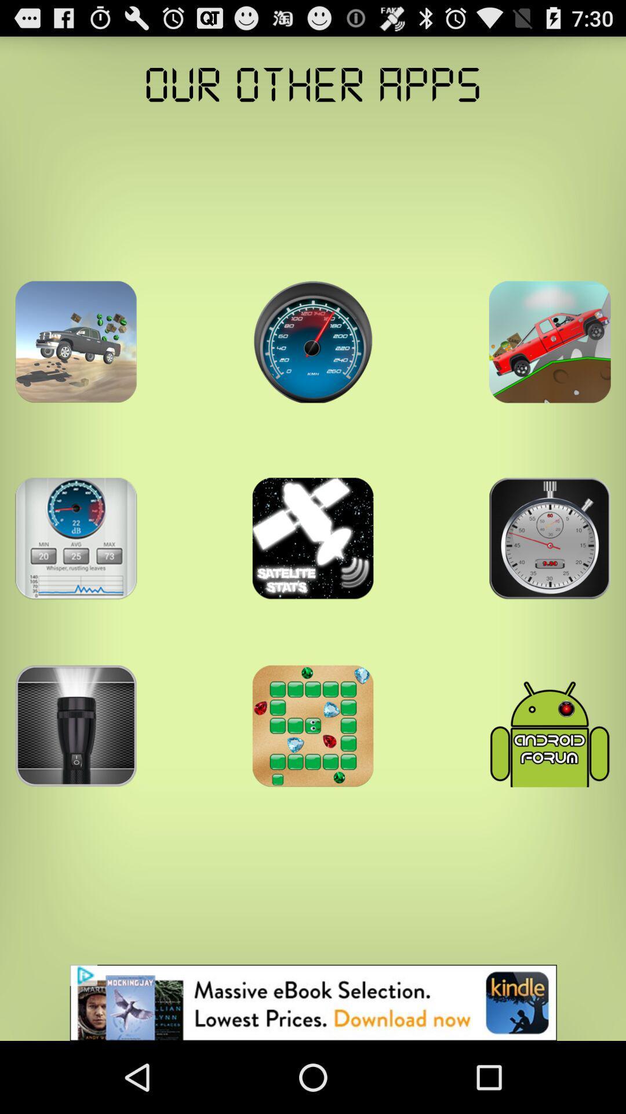 The width and height of the screenshot is (626, 1114). I want to click on opens displayed app in appstore, so click(76, 341).